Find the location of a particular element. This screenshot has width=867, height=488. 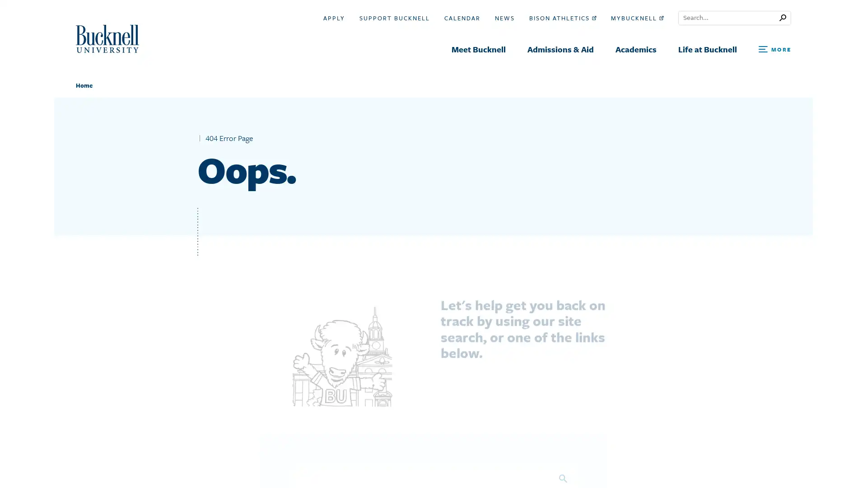

Open Search and Additional Links is located at coordinates (774, 49).